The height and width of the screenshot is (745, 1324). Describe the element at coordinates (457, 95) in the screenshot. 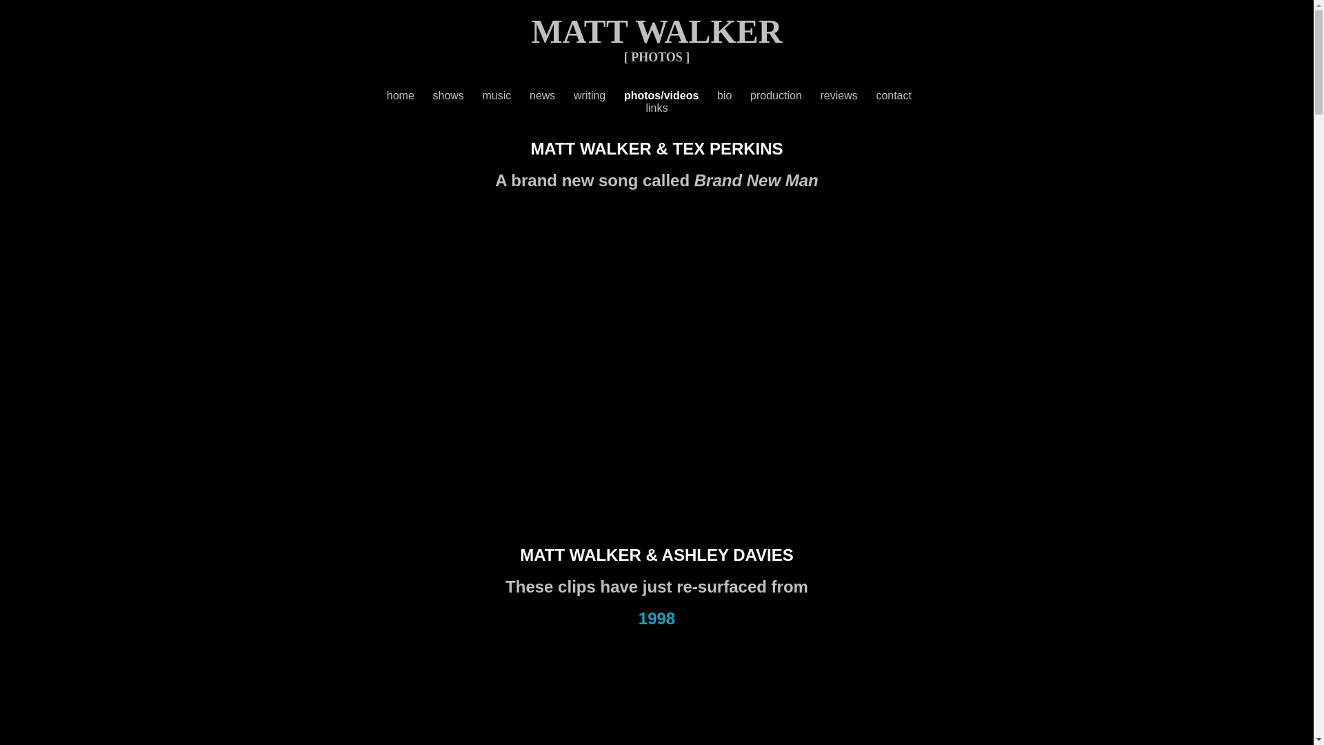

I see `'shows     '` at that location.